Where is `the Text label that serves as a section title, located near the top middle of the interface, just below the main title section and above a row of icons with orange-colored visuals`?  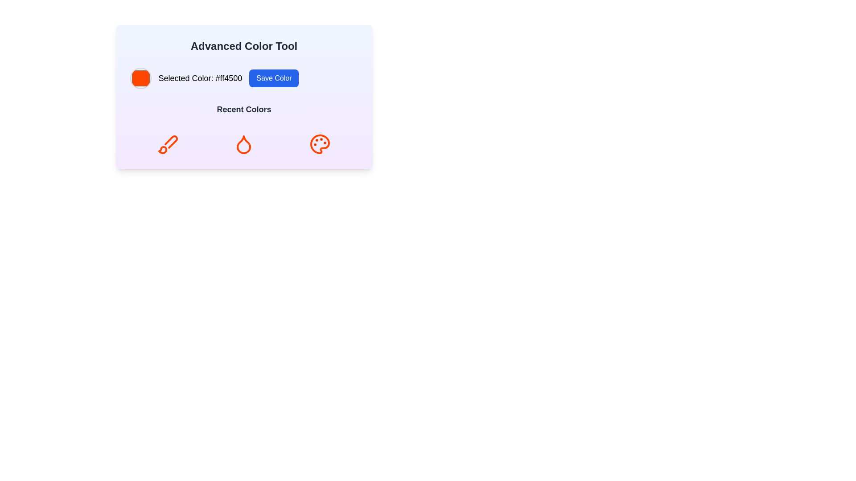 the Text label that serves as a section title, located near the top middle of the interface, just below the main title section and above a row of icons with orange-colored visuals is located at coordinates (244, 109).